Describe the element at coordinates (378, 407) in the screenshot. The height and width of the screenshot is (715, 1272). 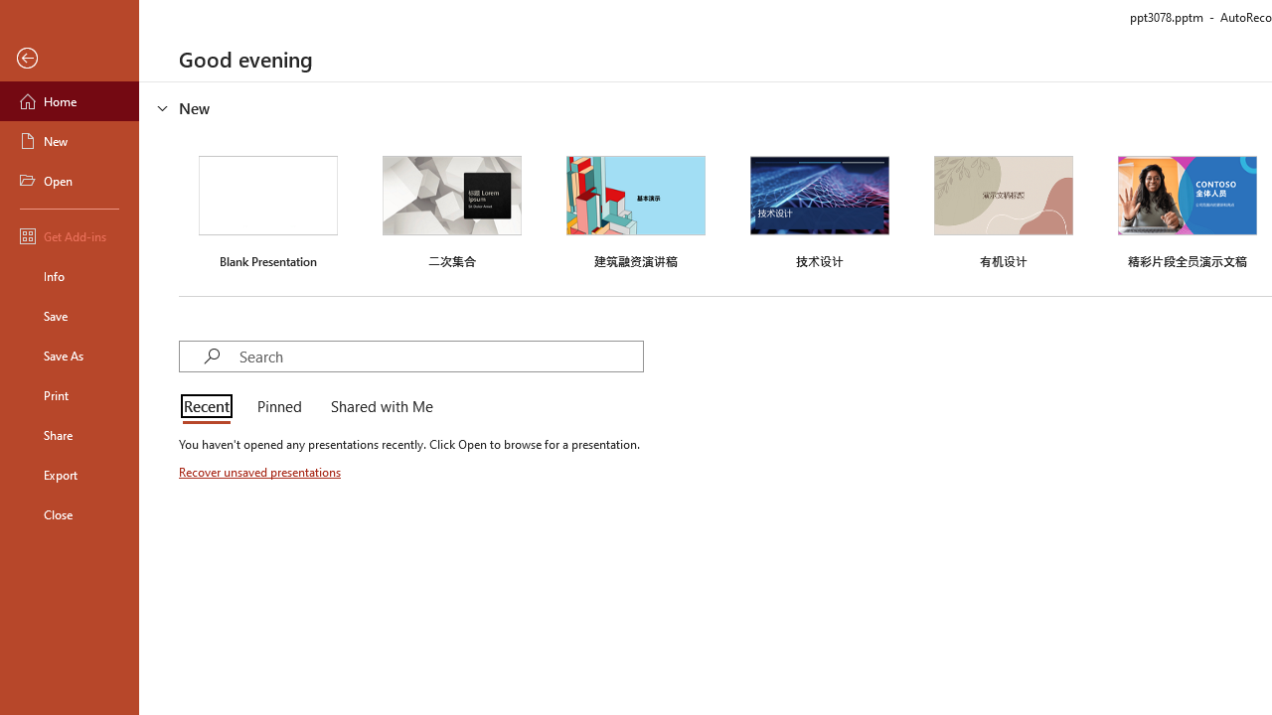
I see `'Shared with Me'` at that location.